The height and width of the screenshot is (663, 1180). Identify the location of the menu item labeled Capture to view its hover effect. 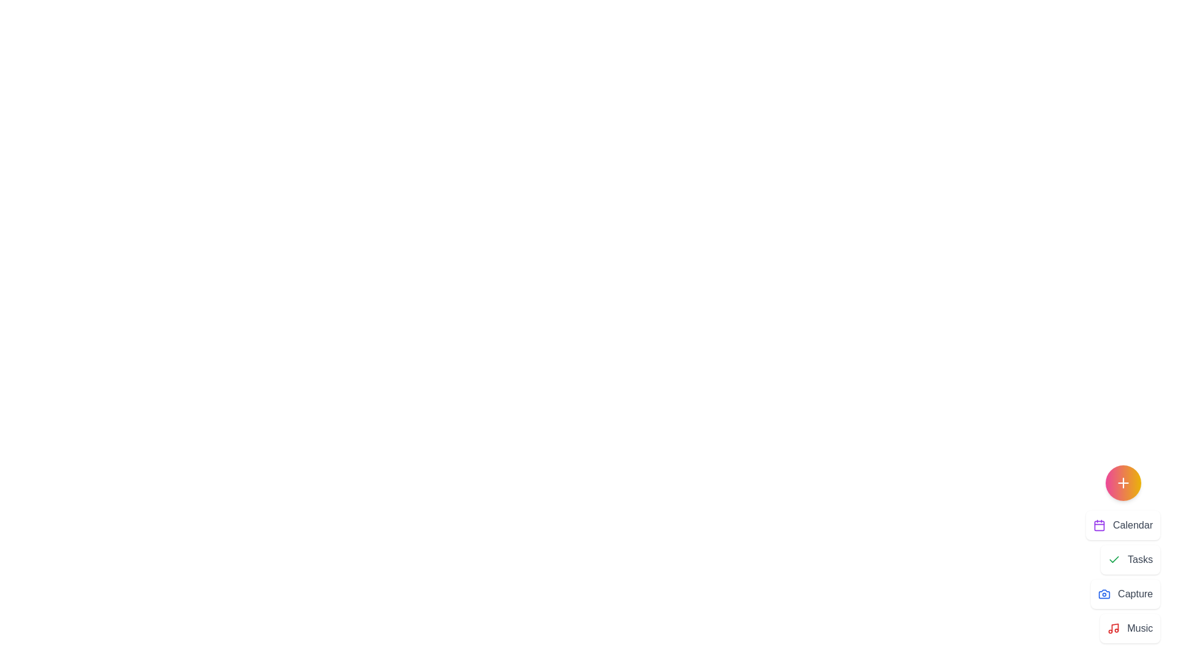
(1125, 594).